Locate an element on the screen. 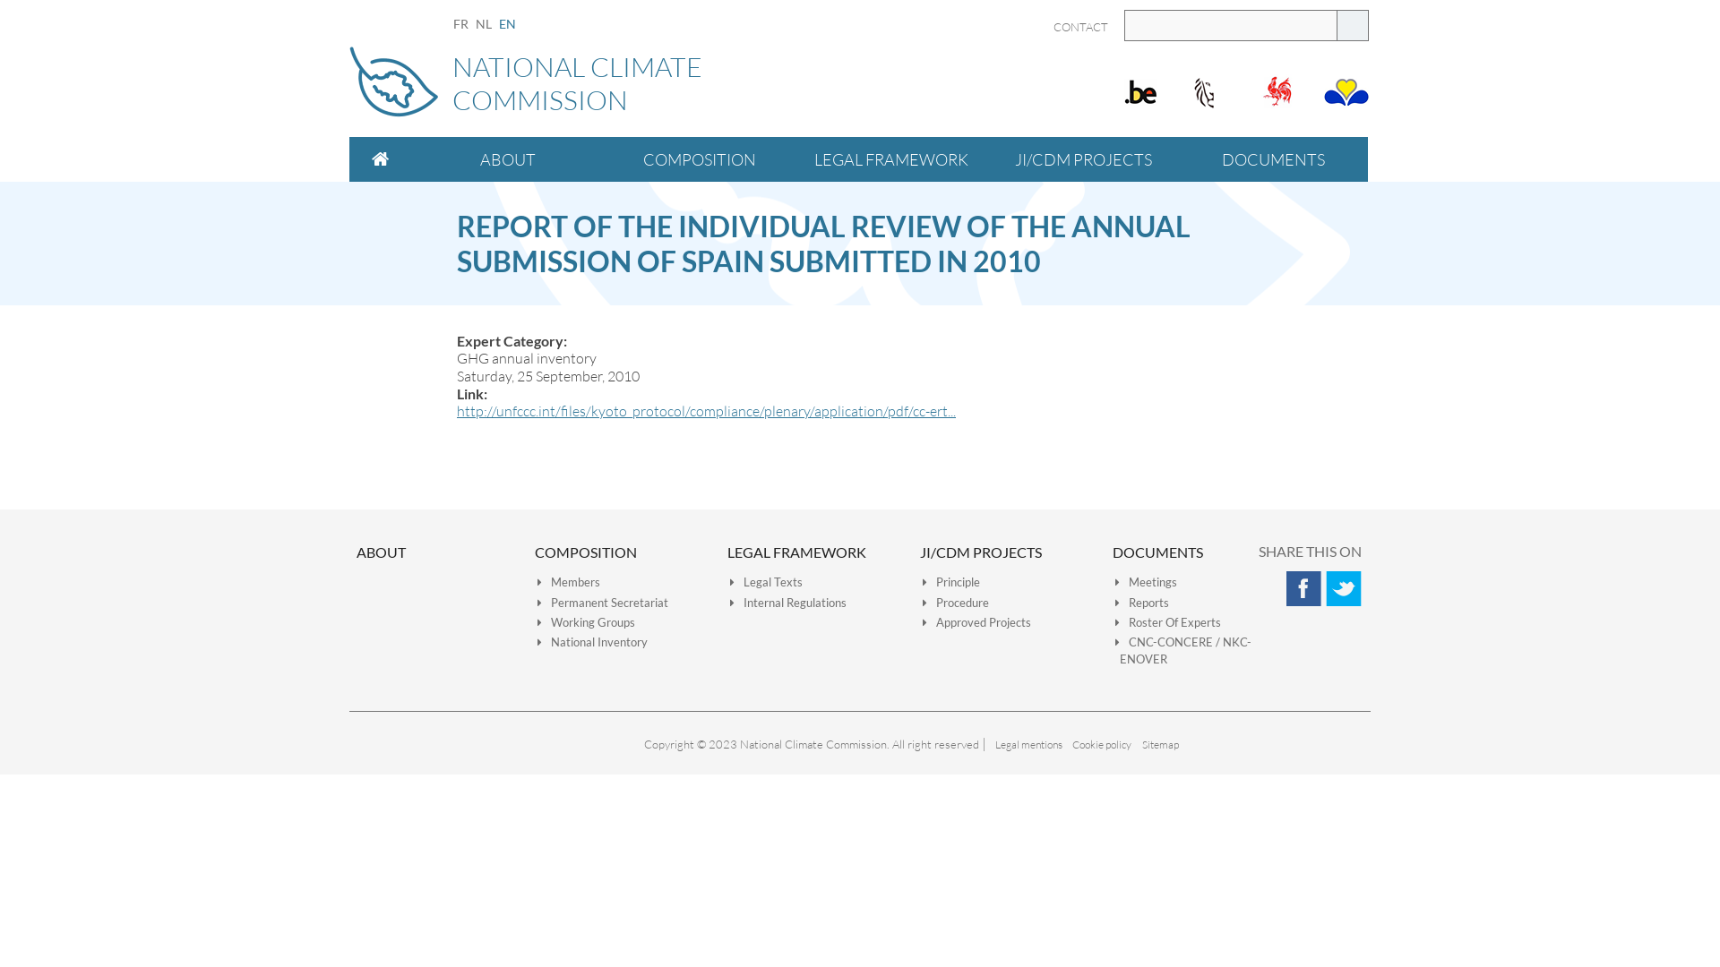 This screenshot has width=1720, height=967. 'Roster Of Experts' is located at coordinates (1168, 620).